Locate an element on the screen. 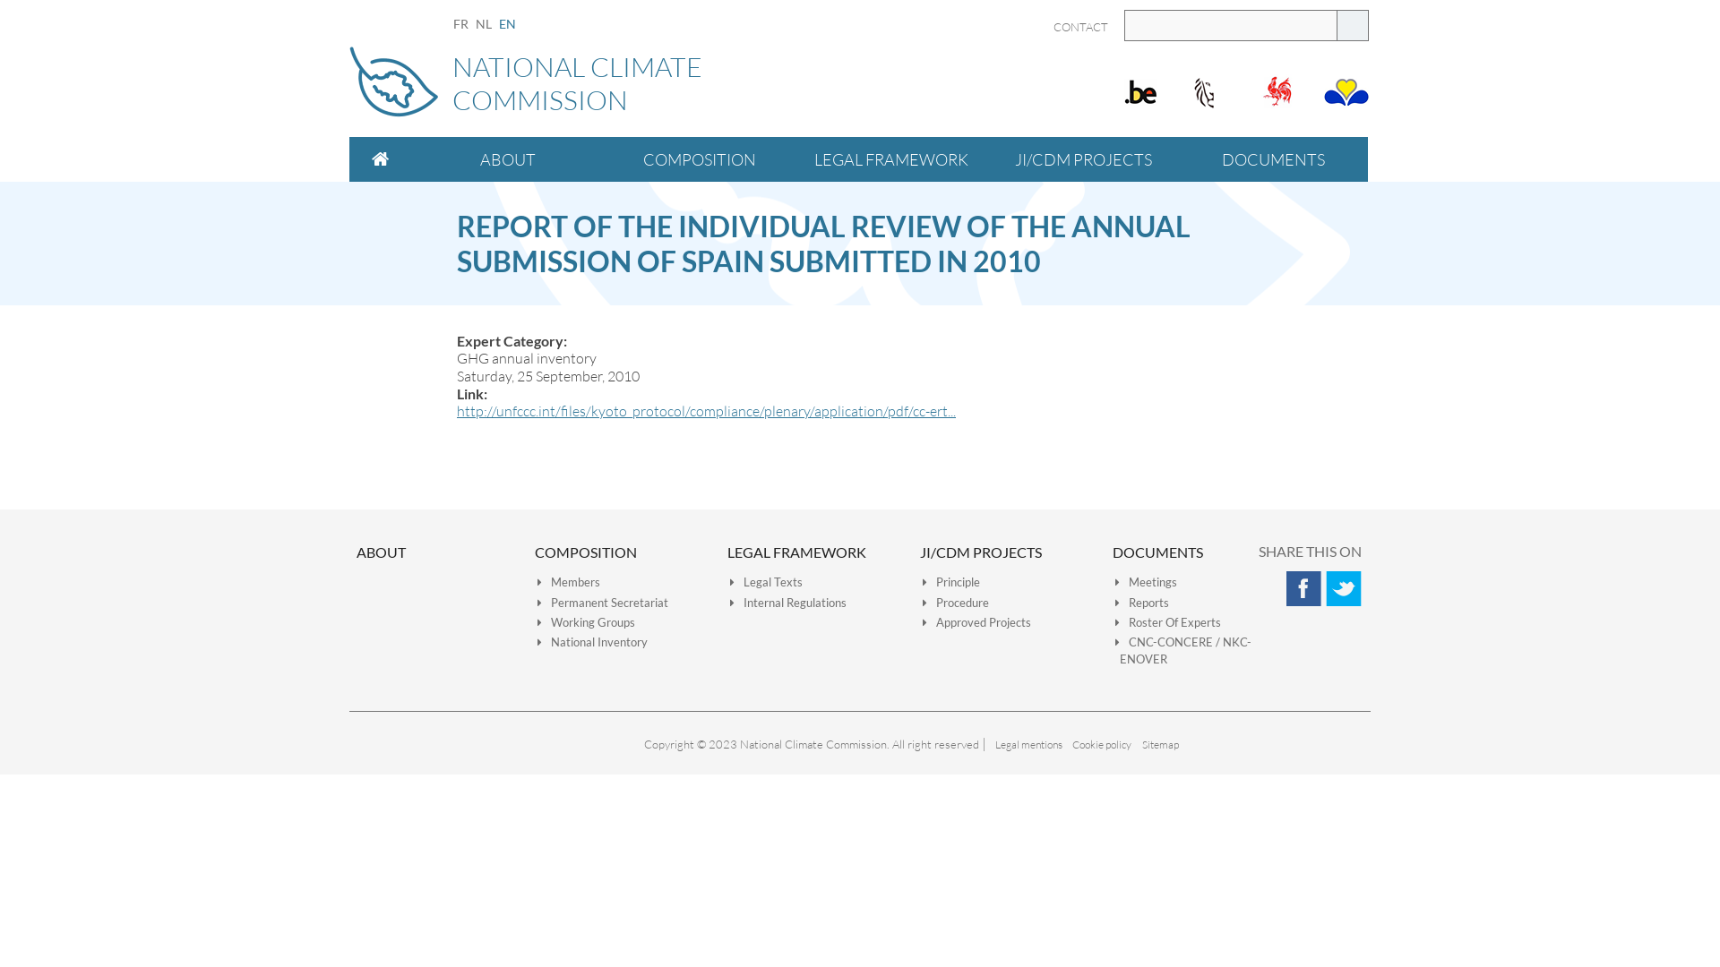 This screenshot has width=1720, height=967. 'Roster Of Experts' is located at coordinates (1168, 620).